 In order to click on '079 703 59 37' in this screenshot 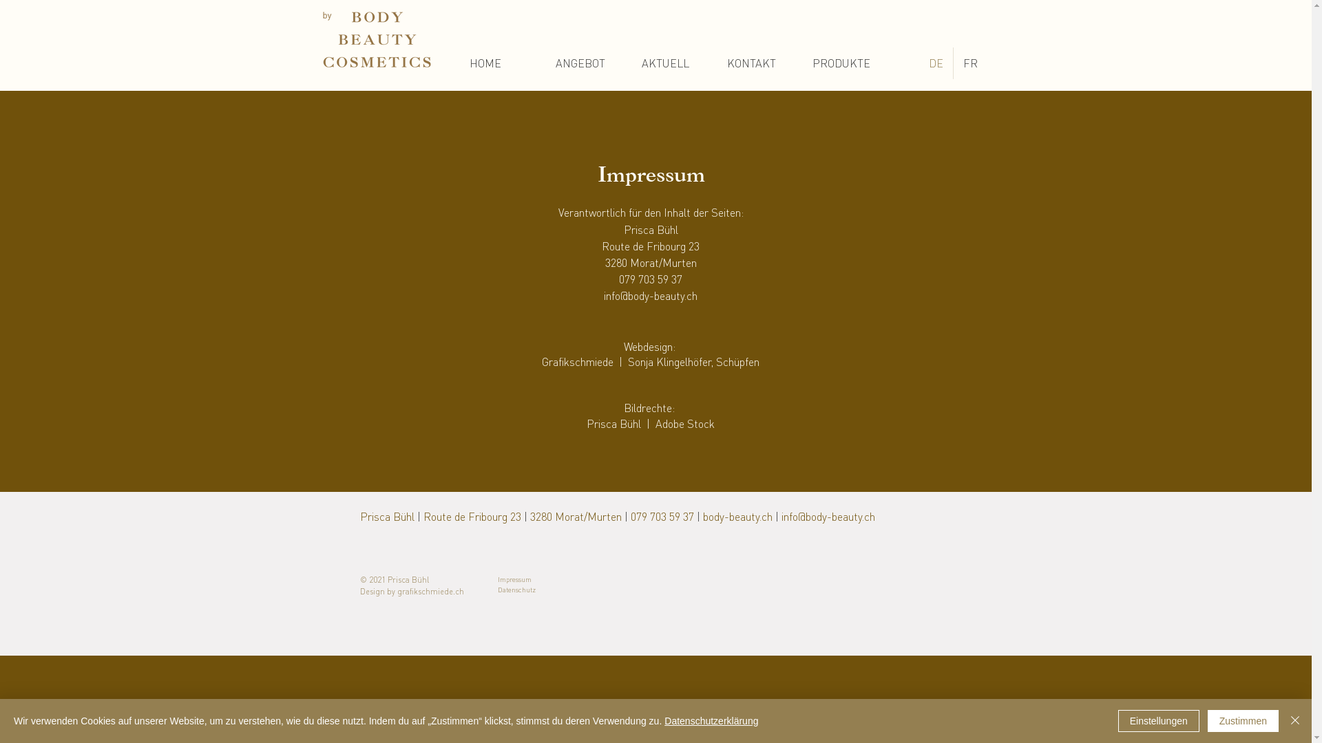, I will do `click(650, 279)`.